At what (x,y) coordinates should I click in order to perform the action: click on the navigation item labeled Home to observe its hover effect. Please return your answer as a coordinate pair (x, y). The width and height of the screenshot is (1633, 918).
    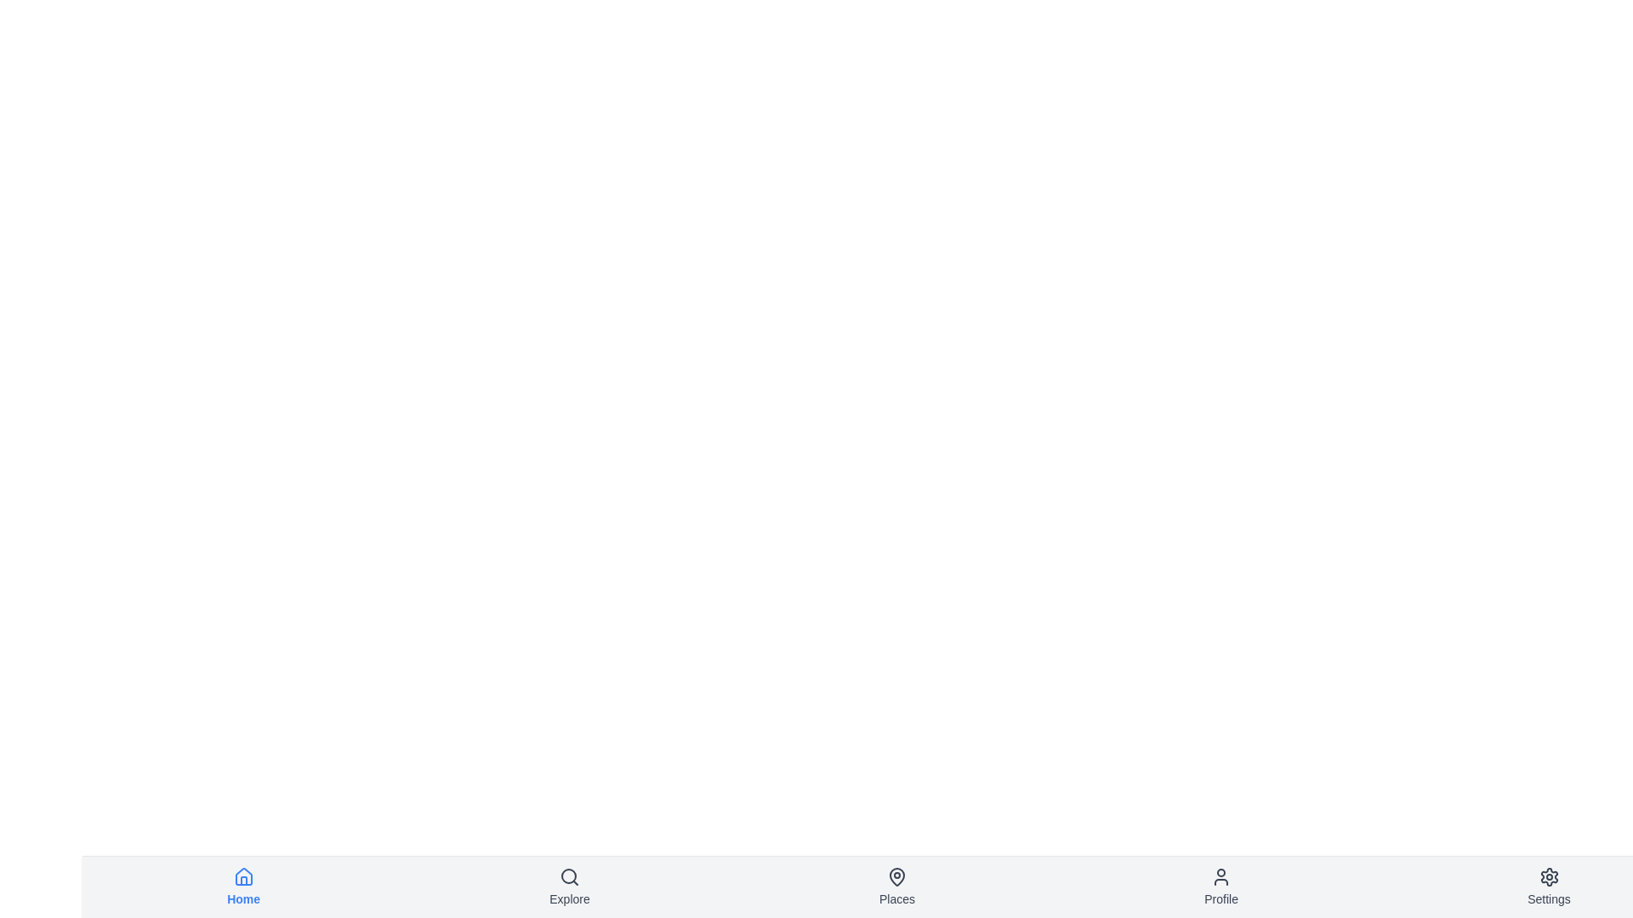
    Looking at the image, I should click on (242, 887).